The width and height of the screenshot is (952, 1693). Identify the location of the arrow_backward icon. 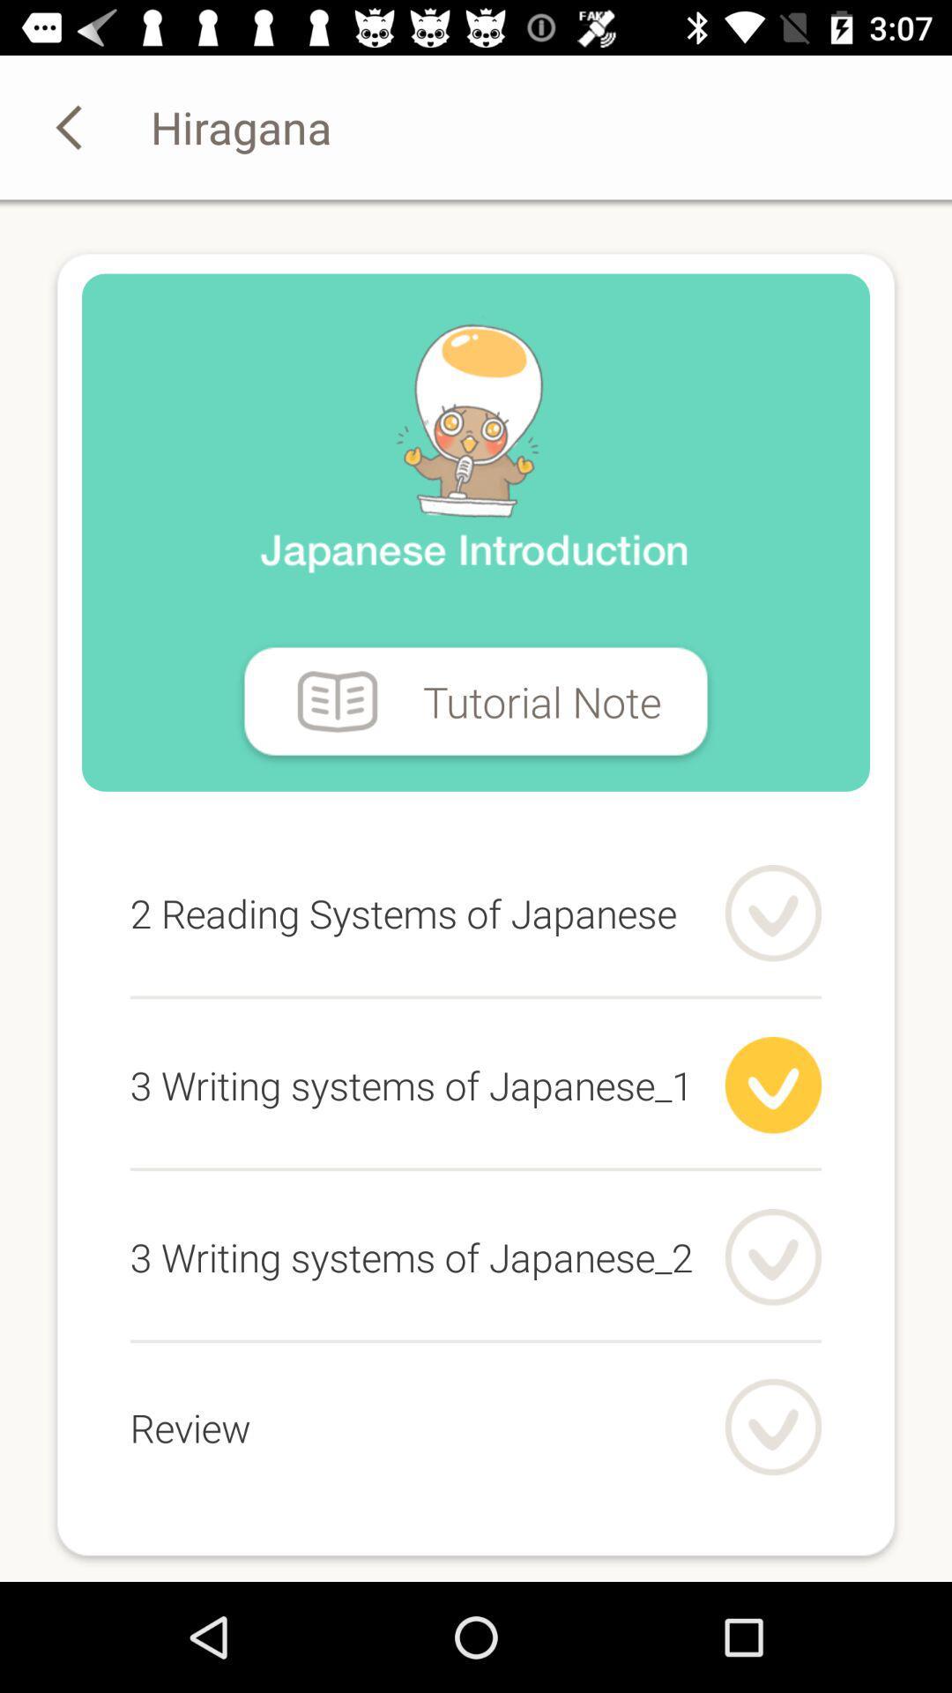
(71, 126).